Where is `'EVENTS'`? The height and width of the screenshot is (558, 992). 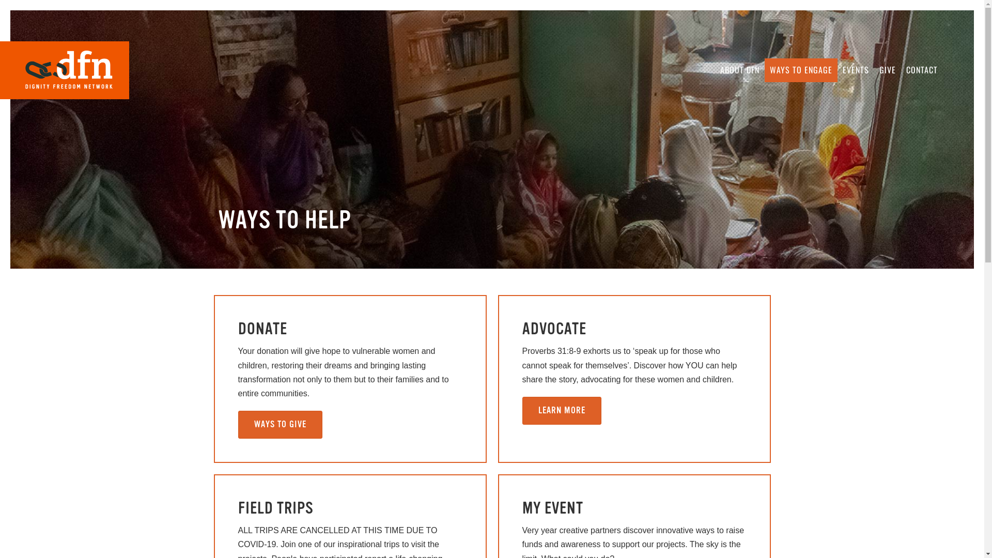 'EVENTS' is located at coordinates (838, 70).